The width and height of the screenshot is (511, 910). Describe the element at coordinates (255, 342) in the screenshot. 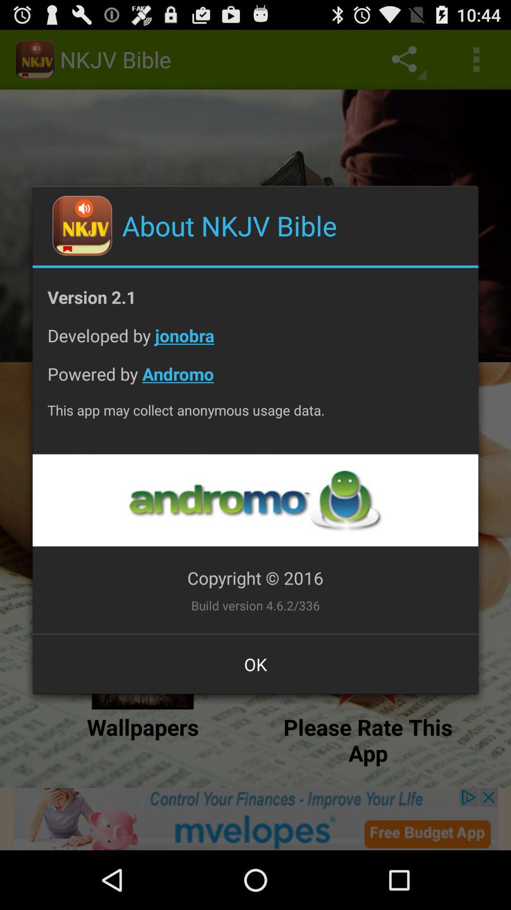

I see `app below the version 2.1 icon` at that location.